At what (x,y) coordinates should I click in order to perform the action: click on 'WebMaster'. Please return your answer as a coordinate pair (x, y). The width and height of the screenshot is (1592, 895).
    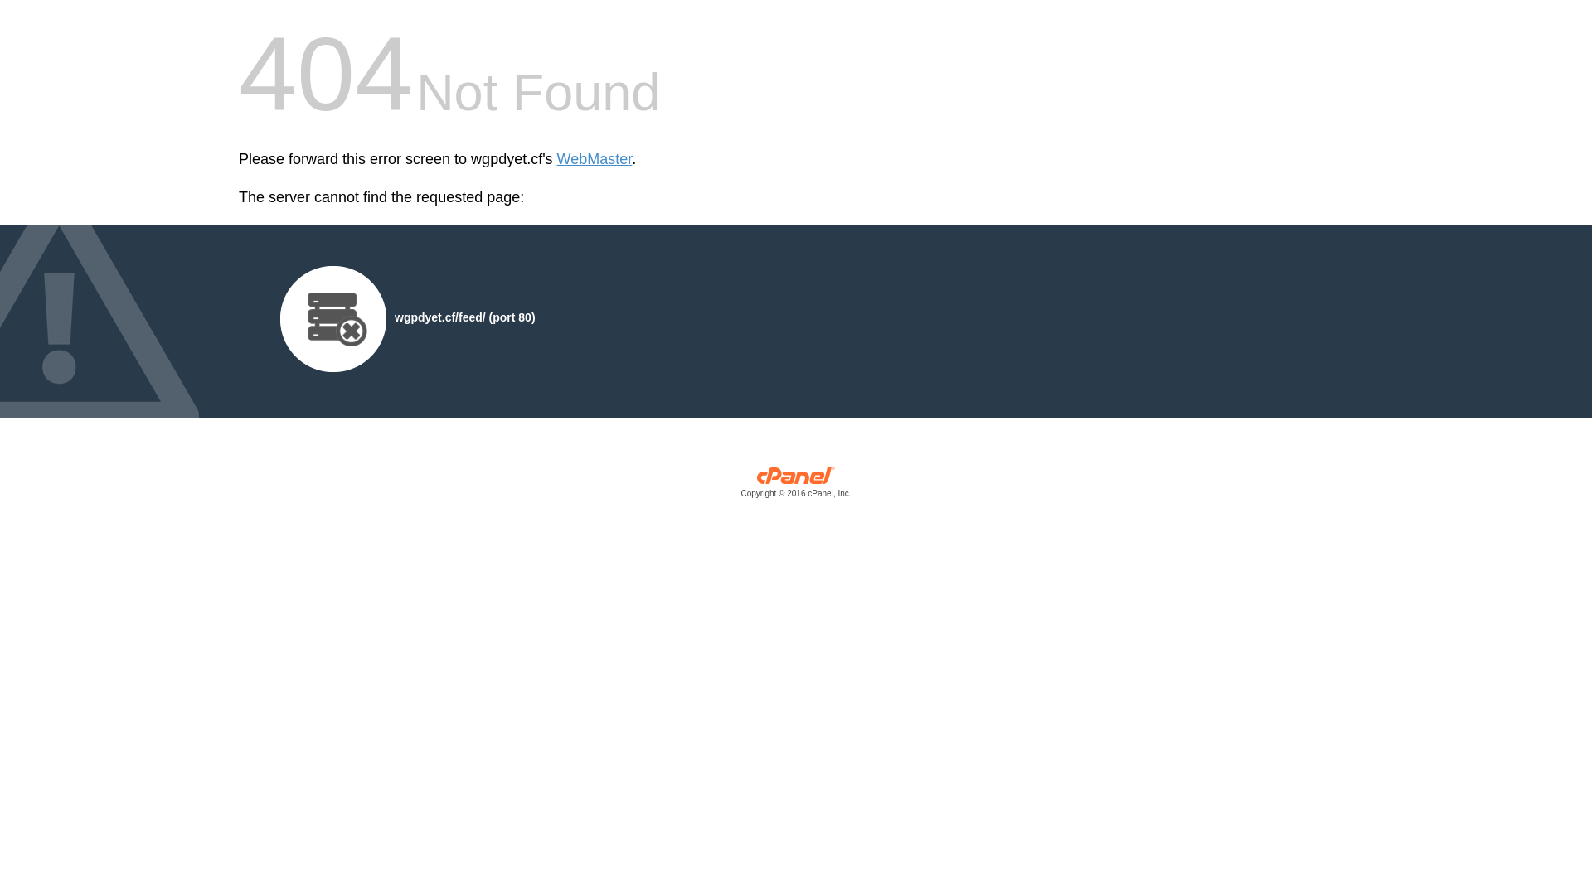
    Looking at the image, I should click on (595, 159).